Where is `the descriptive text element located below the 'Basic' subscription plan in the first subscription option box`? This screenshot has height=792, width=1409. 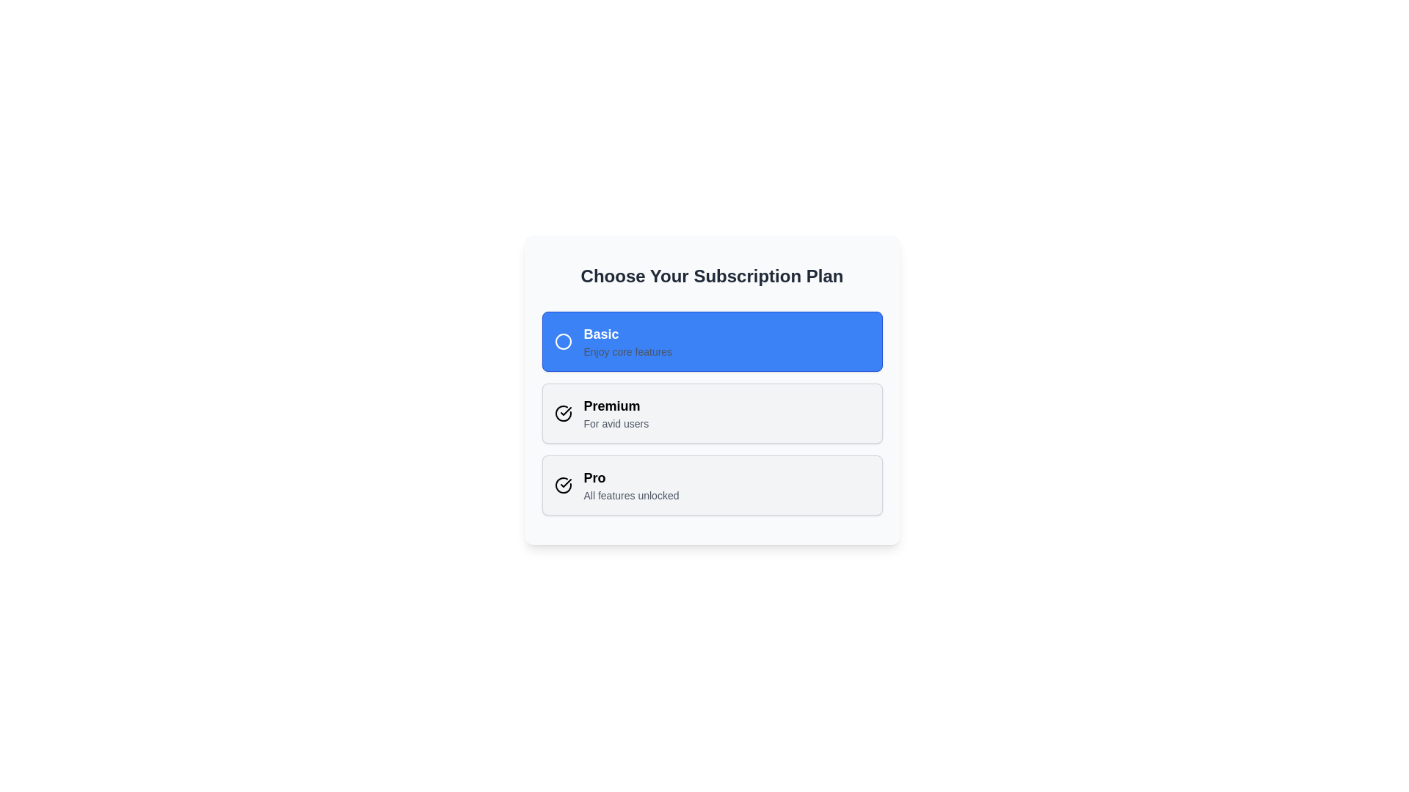
the descriptive text element located below the 'Basic' subscription plan in the first subscription option box is located at coordinates (627, 351).